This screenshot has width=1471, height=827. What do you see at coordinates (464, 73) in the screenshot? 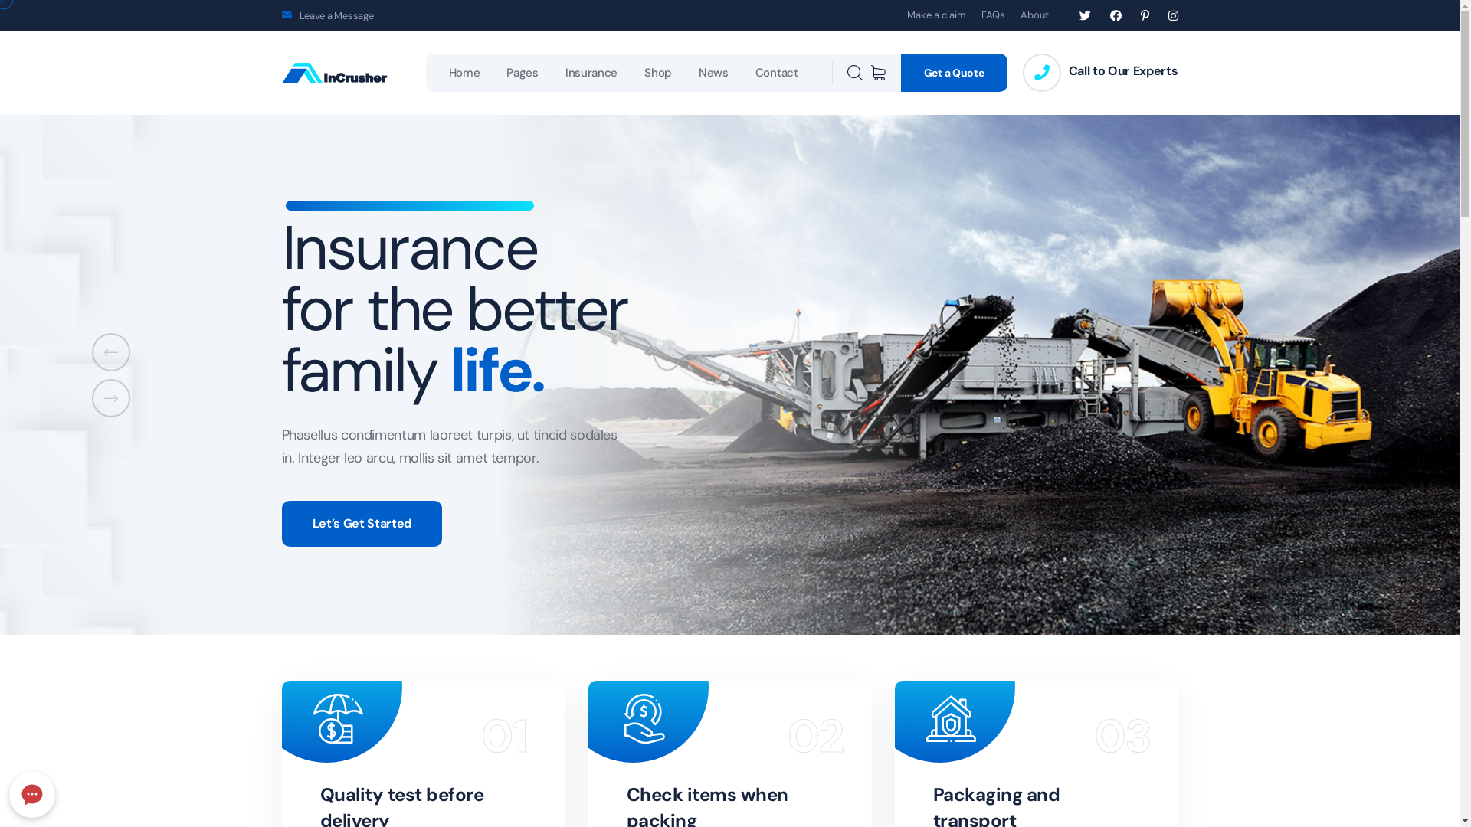
I see `'Home'` at bounding box center [464, 73].